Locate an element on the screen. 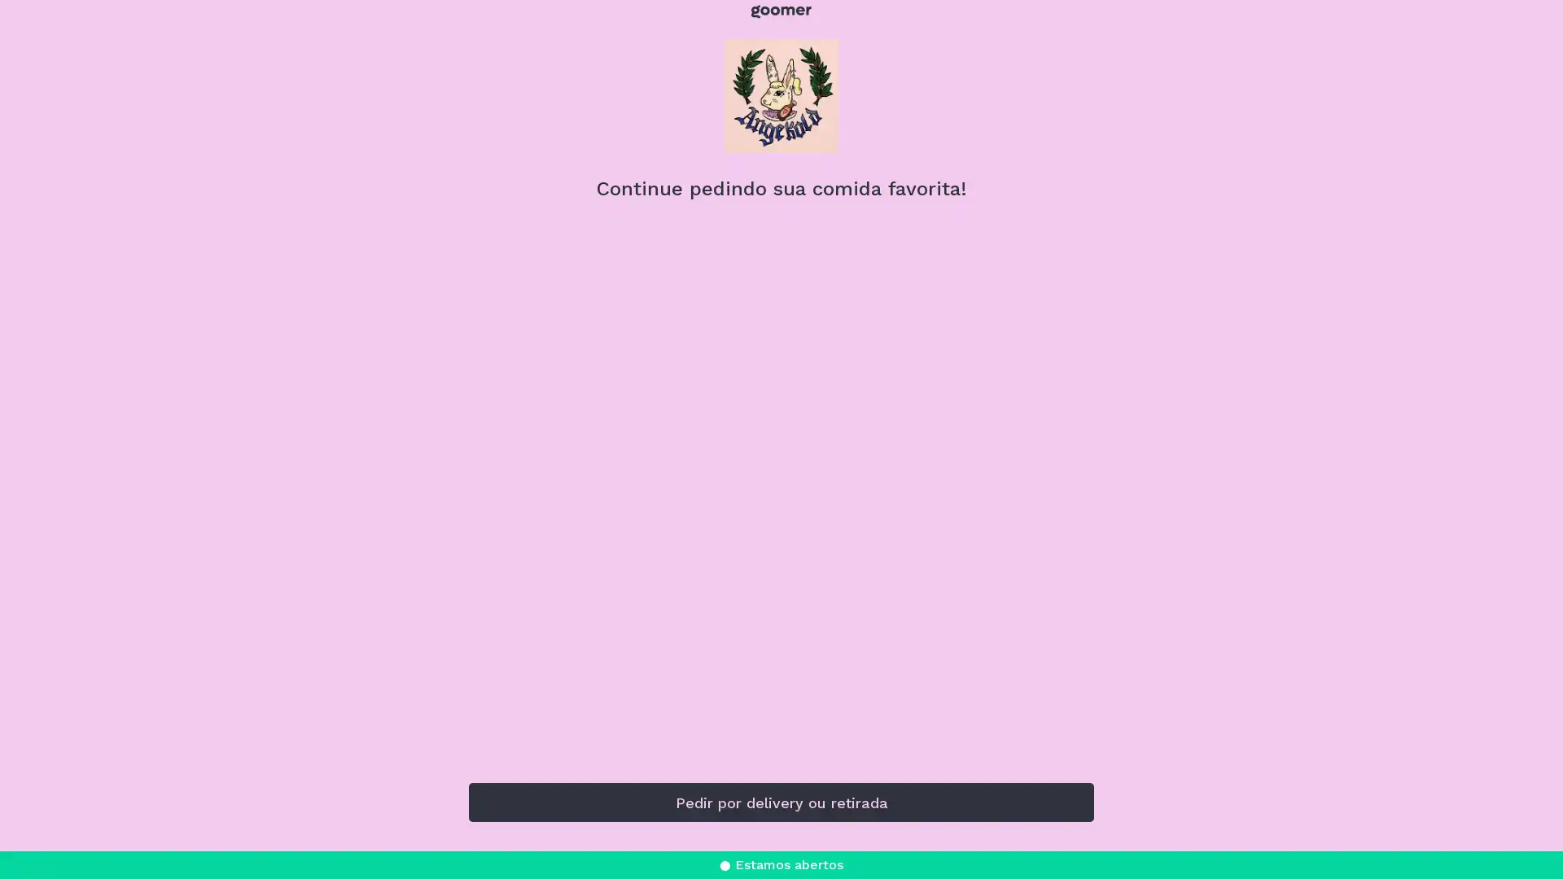  Pedir por delivery ou retirada is located at coordinates (781, 802).